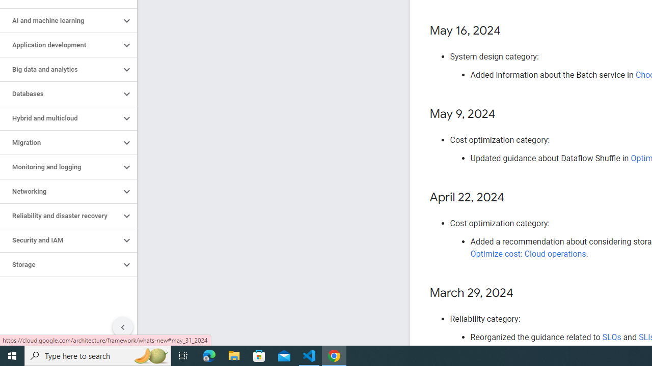 This screenshot has height=366, width=652. Describe the element at coordinates (60, 167) in the screenshot. I see `'Monitoring and logging'` at that location.